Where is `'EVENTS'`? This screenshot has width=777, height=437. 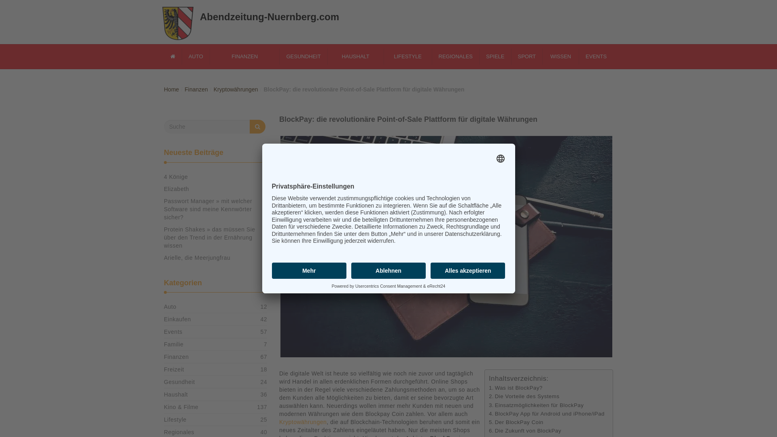 'EVENTS' is located at coordinates (593, 56).